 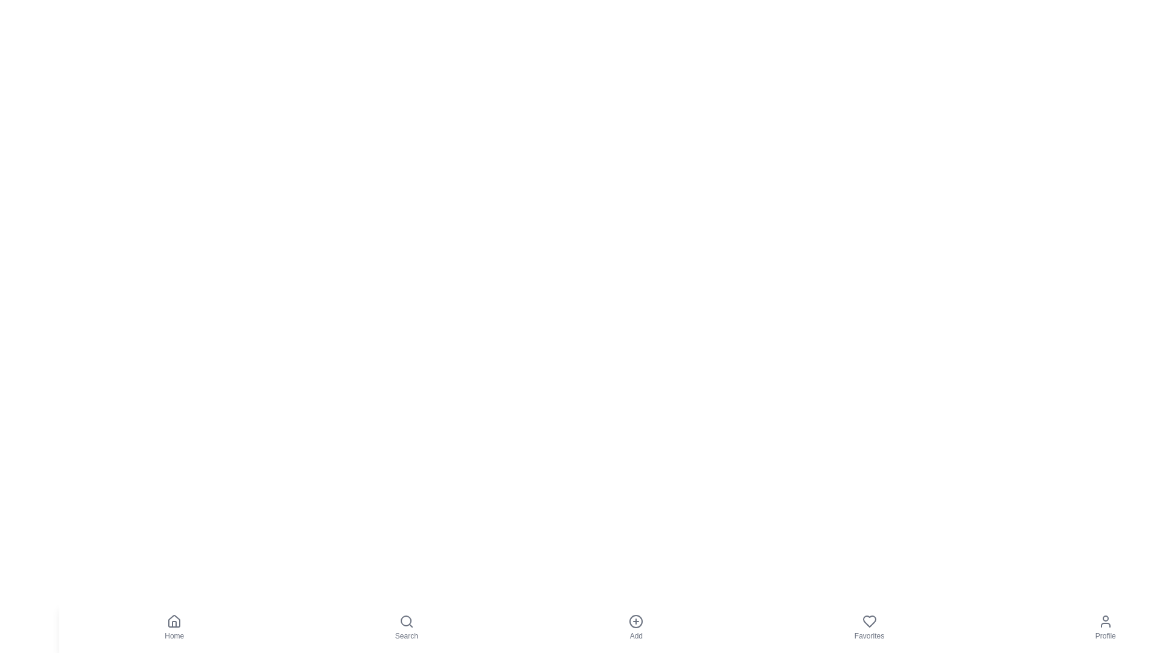 I want to click on the 'Home' text label in the navigation menu located at the bottom of the interface, so click(x=174, y=635).